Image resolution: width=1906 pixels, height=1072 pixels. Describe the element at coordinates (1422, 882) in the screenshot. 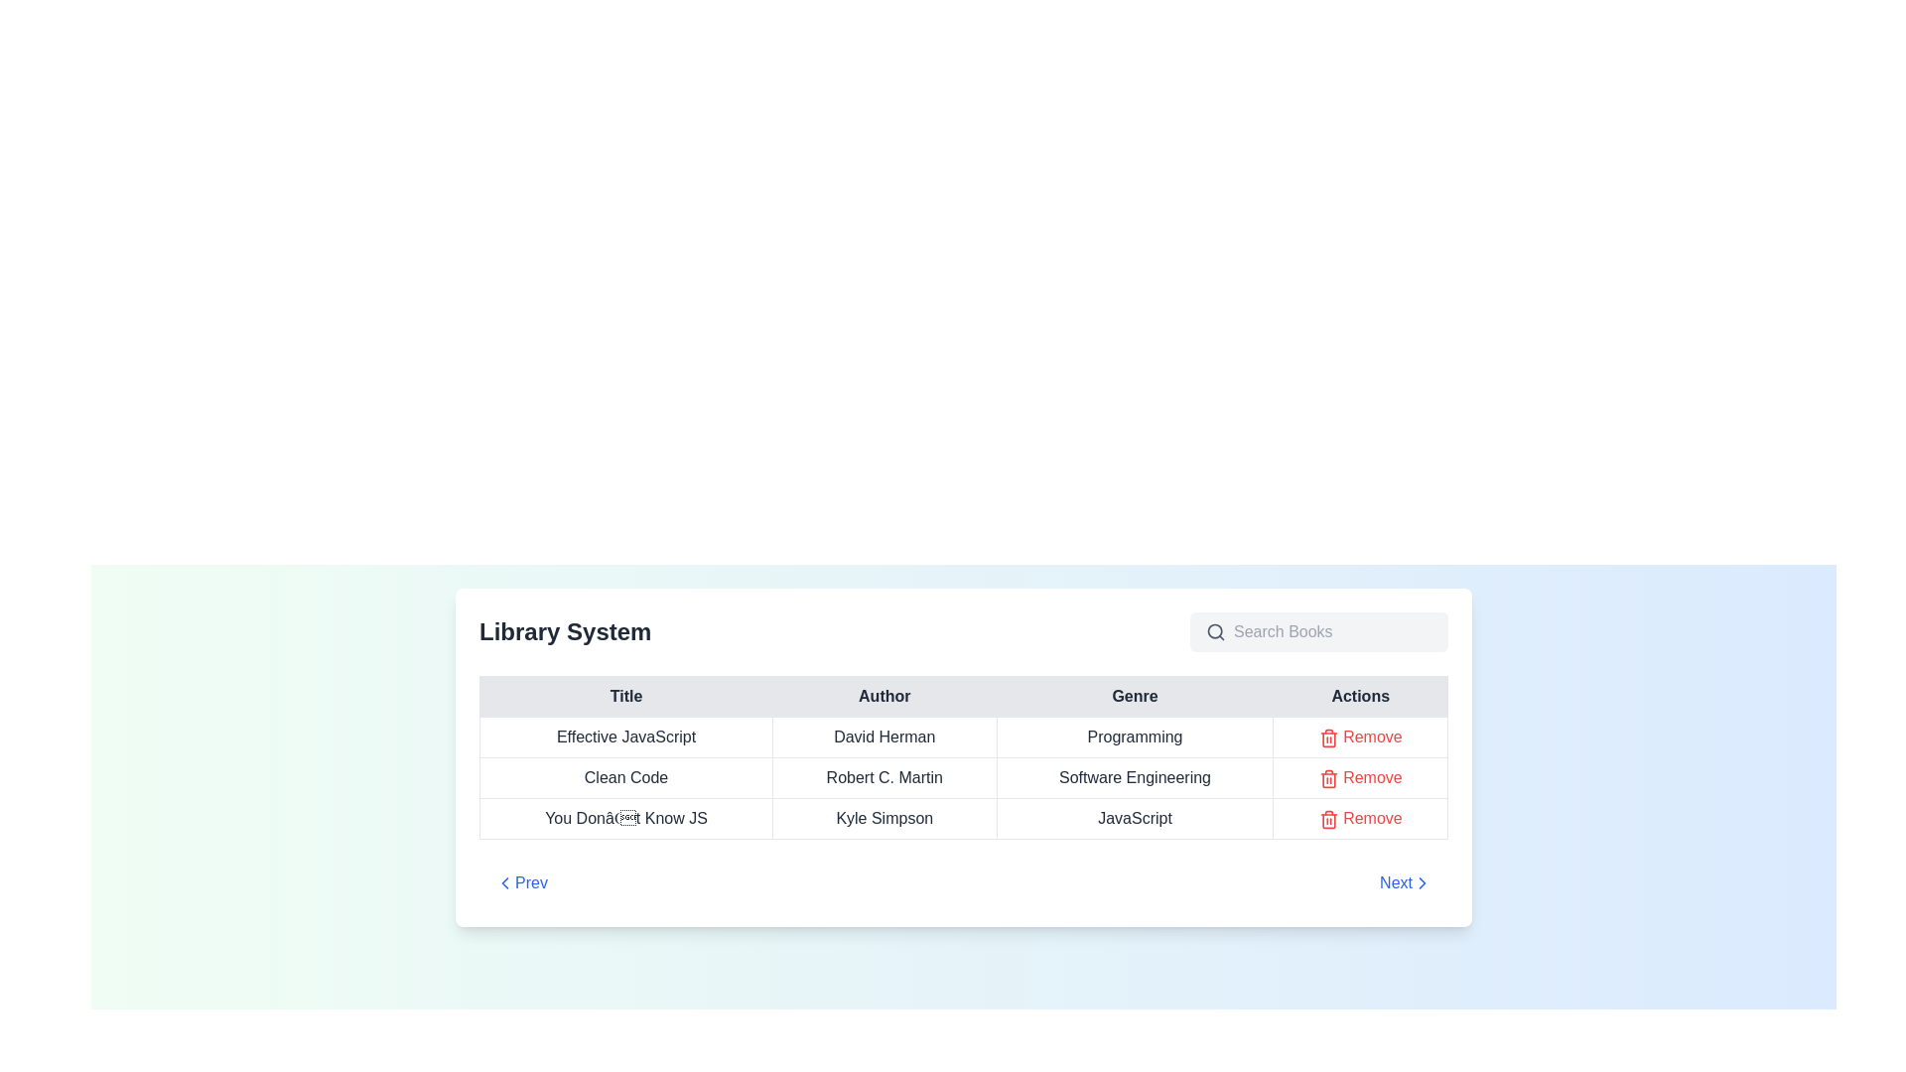

I see `the rightward arrow icon located beside the 'Next' button in the bottom-right section of the pagination control` at that location.